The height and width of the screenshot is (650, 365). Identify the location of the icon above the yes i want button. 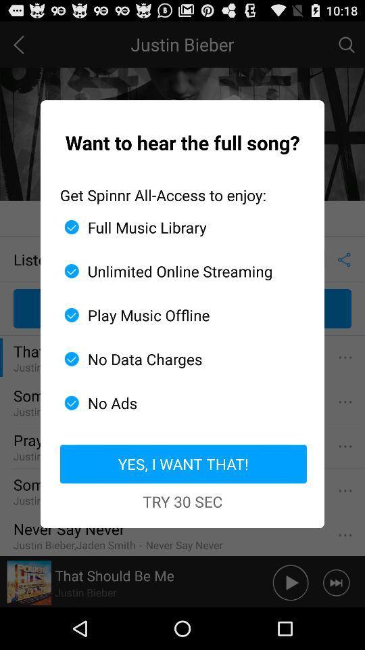
(177, 403).